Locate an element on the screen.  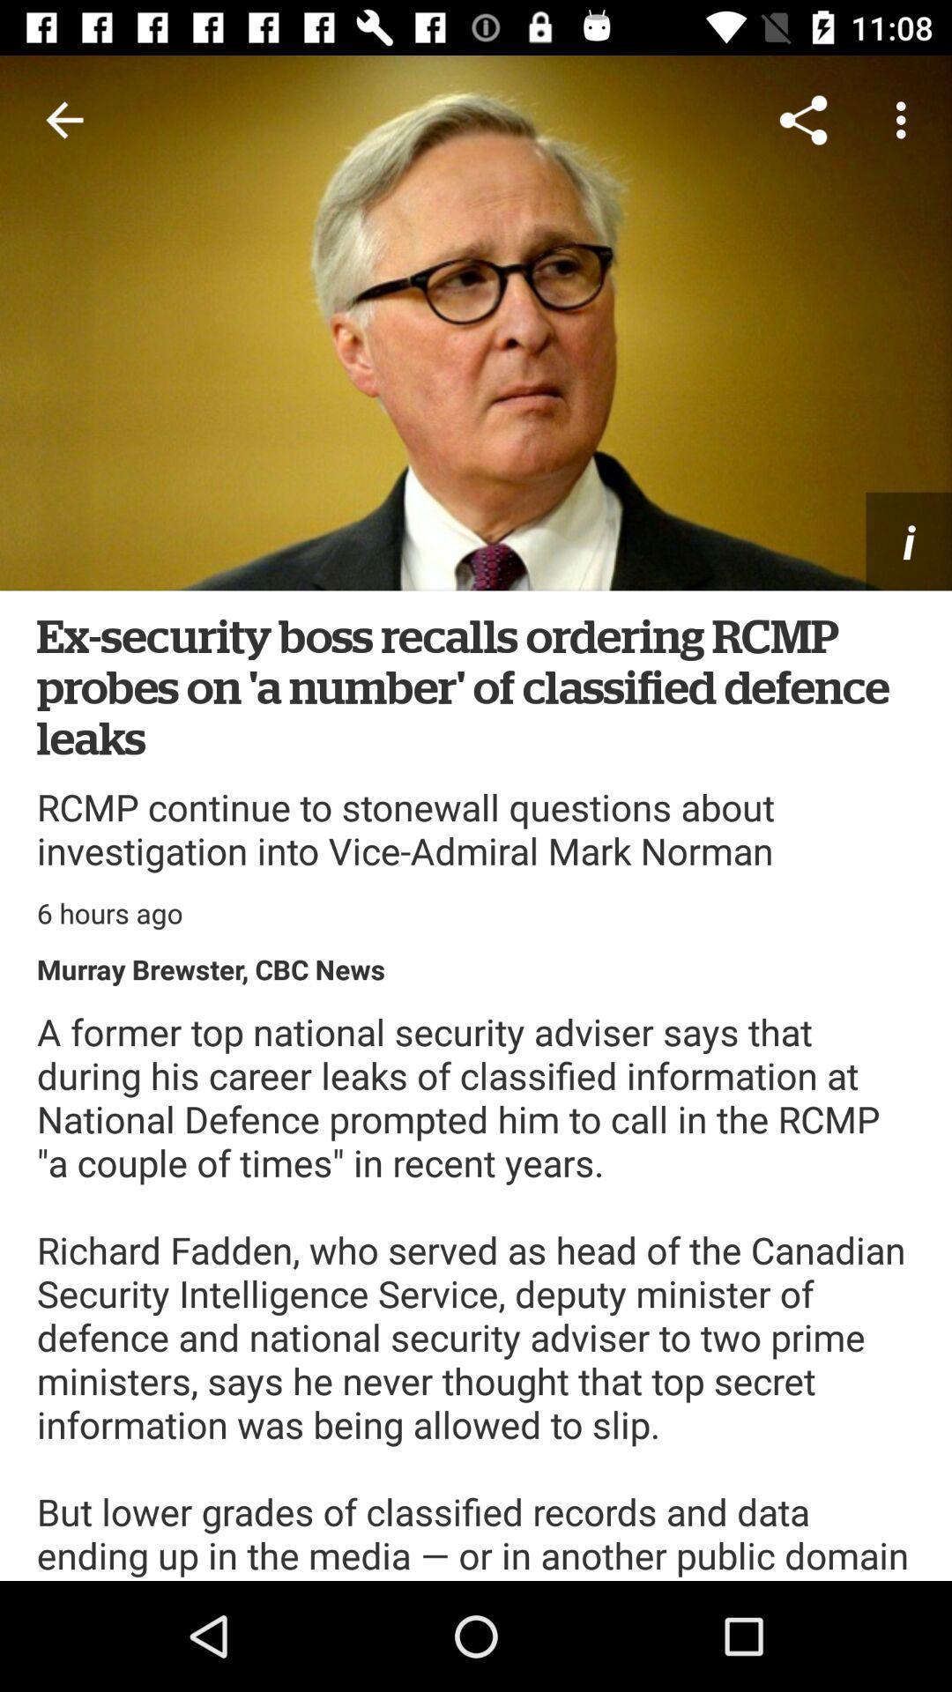
the icon above the ex security boss is located at coordinates (909, 540).